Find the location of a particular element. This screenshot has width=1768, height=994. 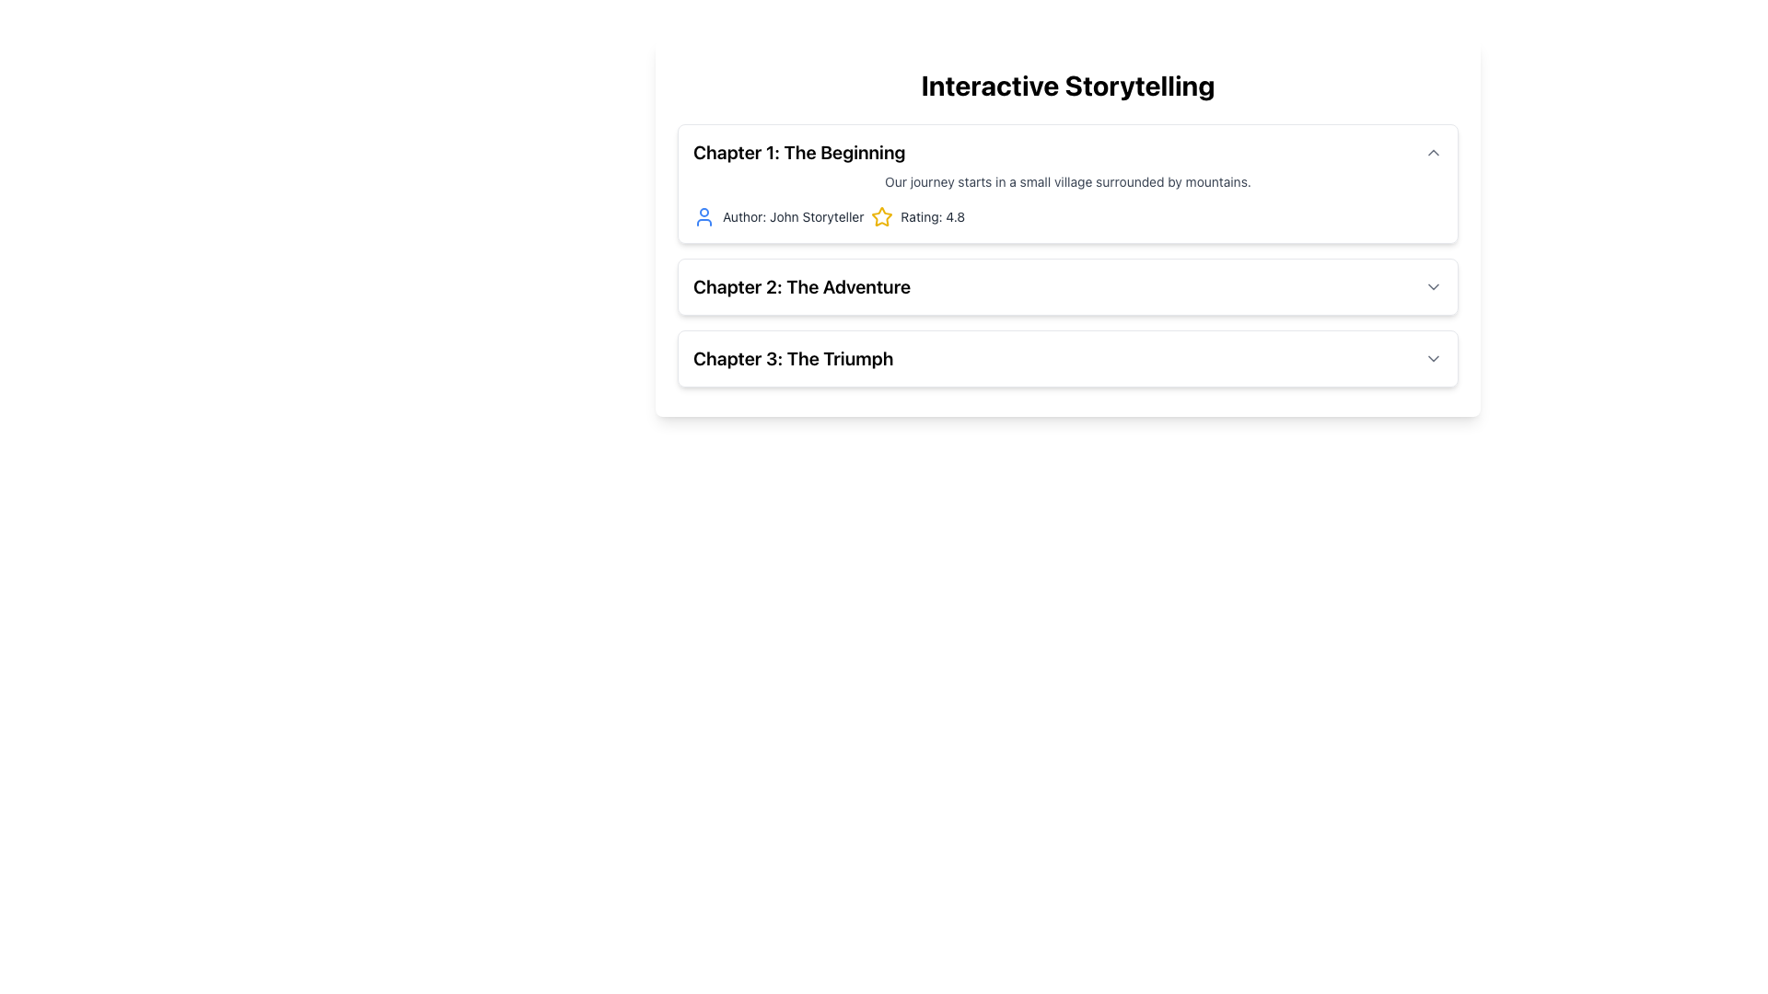

the text block that reads 'Our journey starts in a small village surrounded by mountains.' located below the heading 'Chapter 1: The Beginning' is located at coordinates (1068, 181).